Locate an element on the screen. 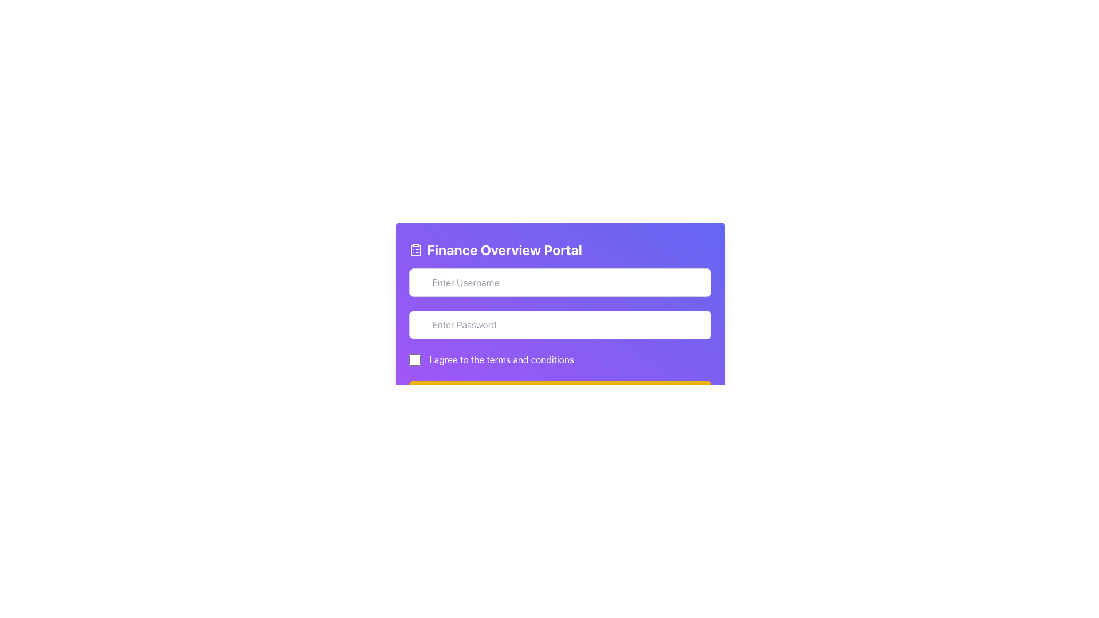 The image size is (1099, 618). the decorative finance icon located at the upper left corner of the purple header section, before the 'Finance Overview Portal' text is located at coordinates (415, 249).